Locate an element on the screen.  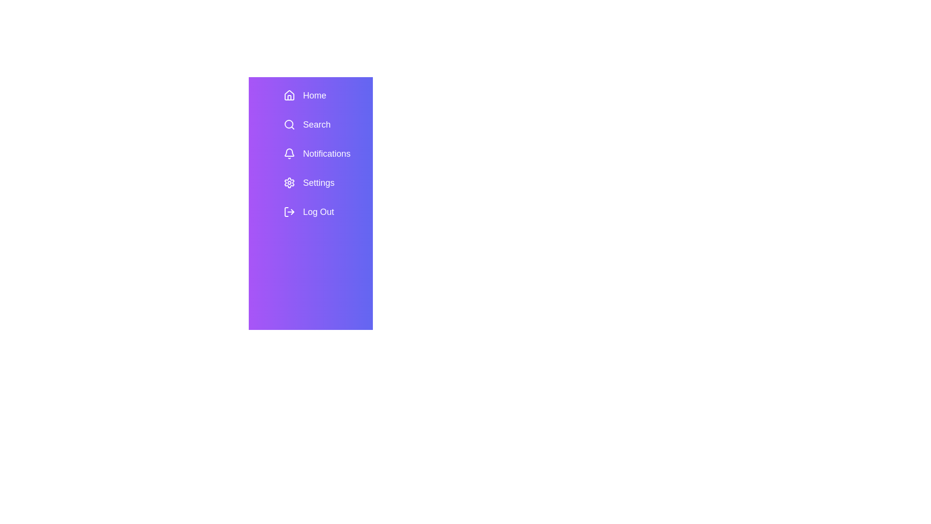
the menu item Home to view its hover effect is located at coordinates (324, 95).